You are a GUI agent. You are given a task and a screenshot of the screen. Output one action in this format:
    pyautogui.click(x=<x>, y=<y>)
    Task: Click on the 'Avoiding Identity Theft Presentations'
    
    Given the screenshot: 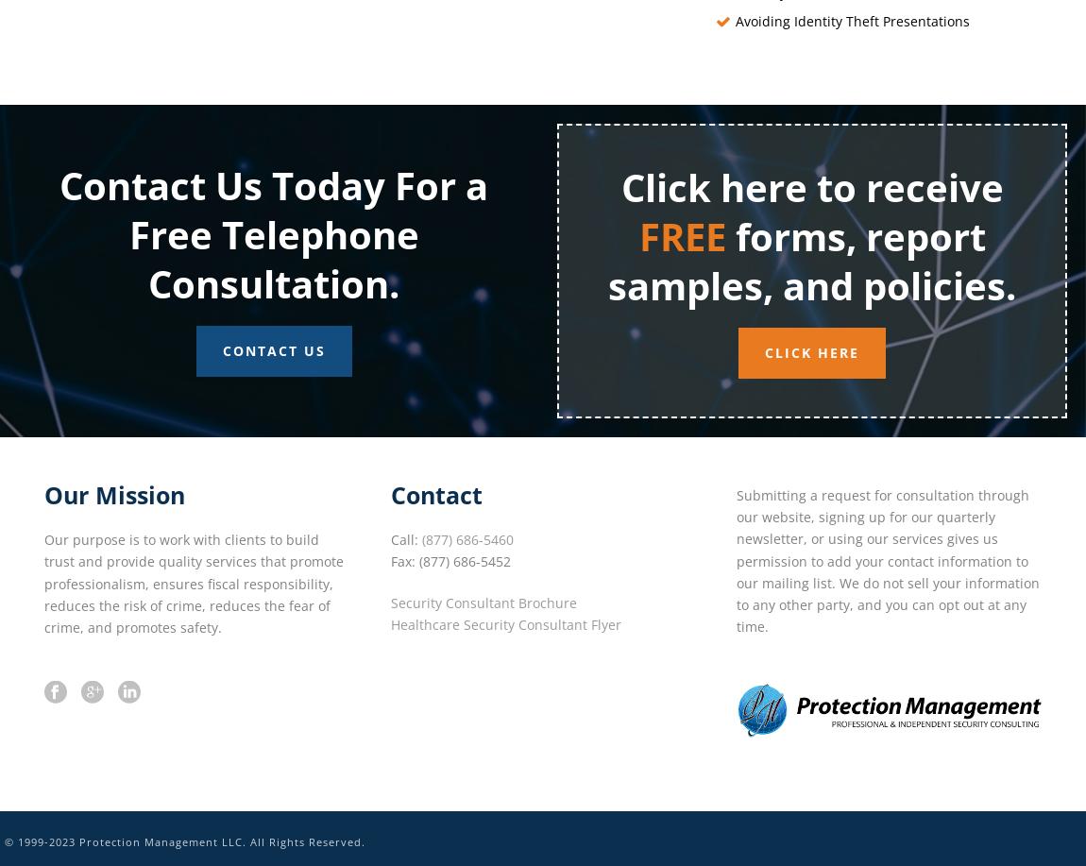 What is the action you would take?
    pyautogui.click(x=852, y=20)
    